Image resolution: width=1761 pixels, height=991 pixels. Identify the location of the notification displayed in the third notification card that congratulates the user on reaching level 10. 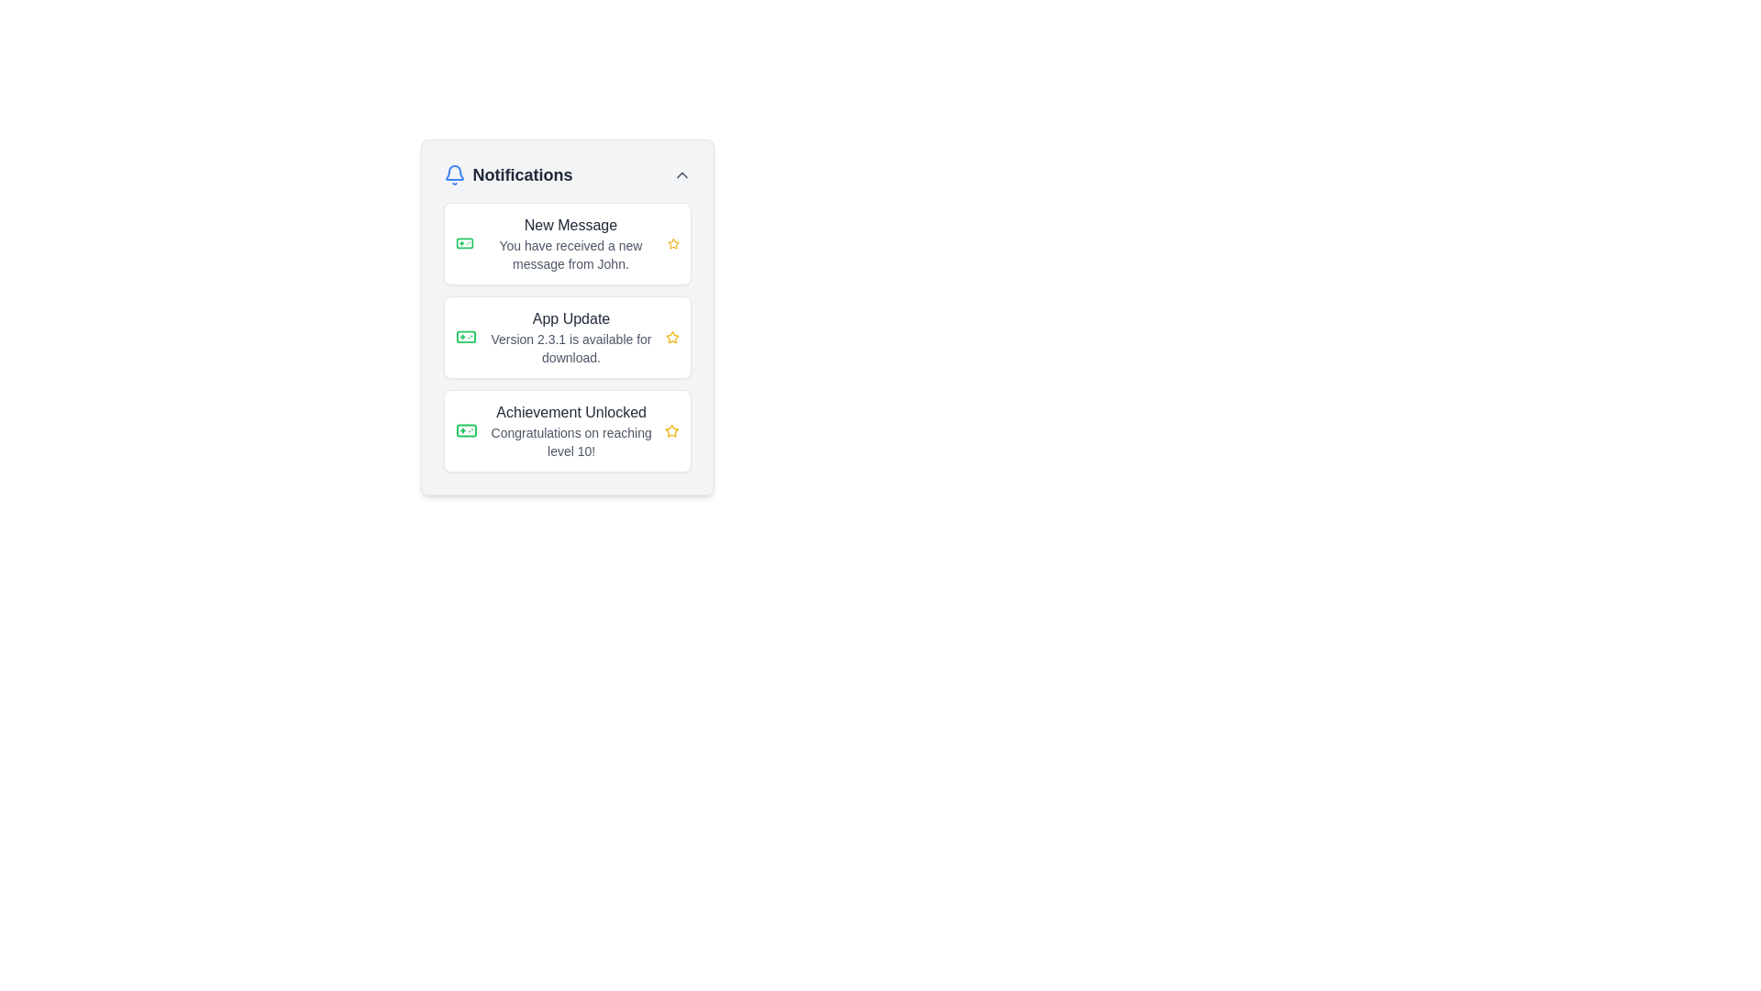
(570, 431).